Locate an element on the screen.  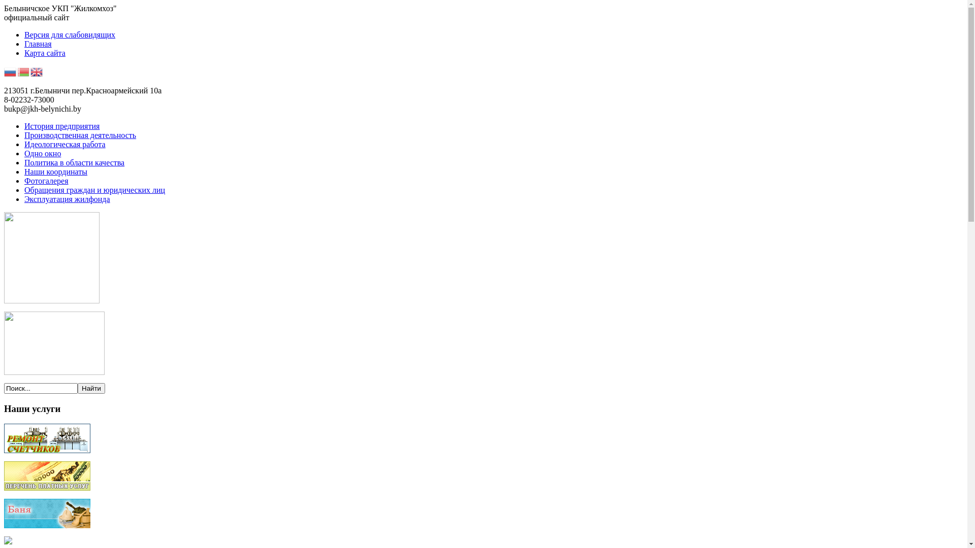
'English' is located at coordinates (30, 71).